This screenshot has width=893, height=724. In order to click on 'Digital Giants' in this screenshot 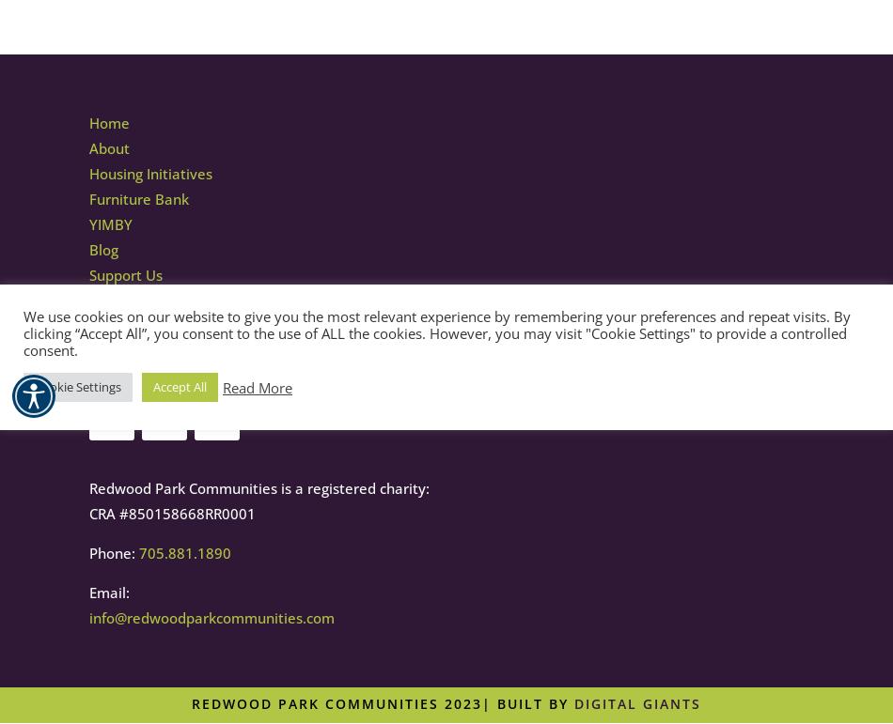, I will do `click(574, 702)`.